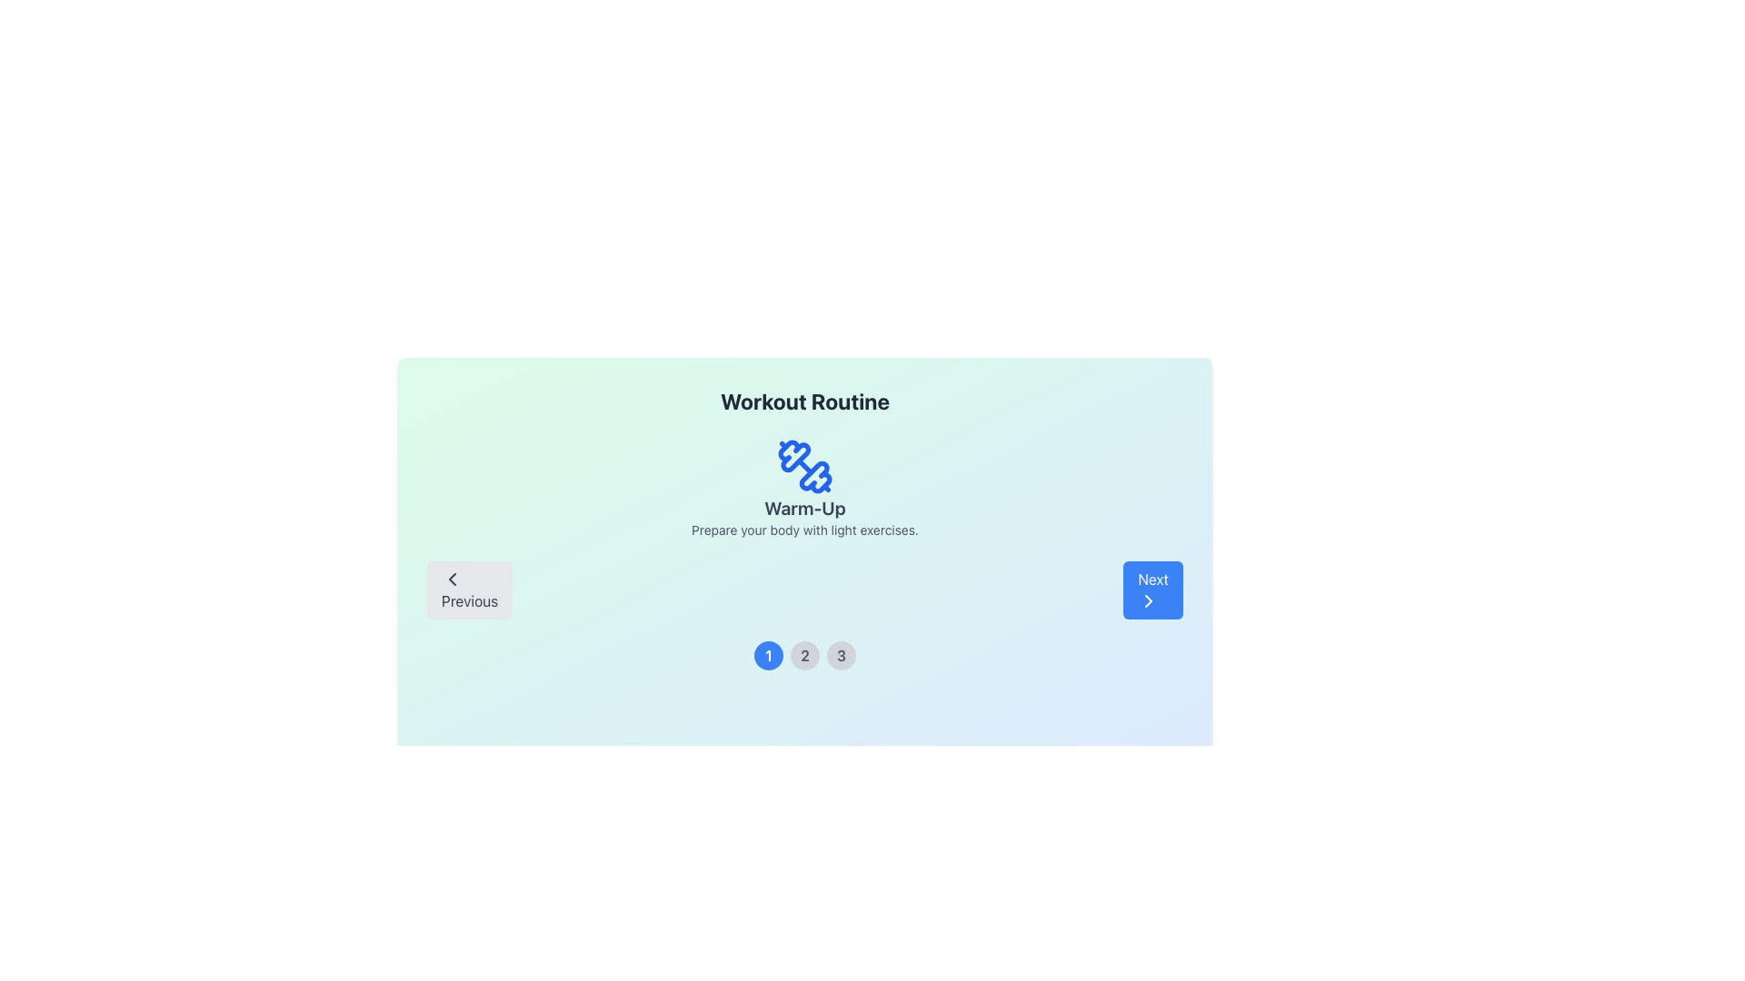 This screenshot has width=1745, height=981. What do you see at coordinates (804, 508) in the screenshot?
I see `the bold, gray-colored text label displaying 'Warm-Up', which is centrally aligned and positioned below a blue dumbbell icon in the interface` at bounding box center [804, 508].